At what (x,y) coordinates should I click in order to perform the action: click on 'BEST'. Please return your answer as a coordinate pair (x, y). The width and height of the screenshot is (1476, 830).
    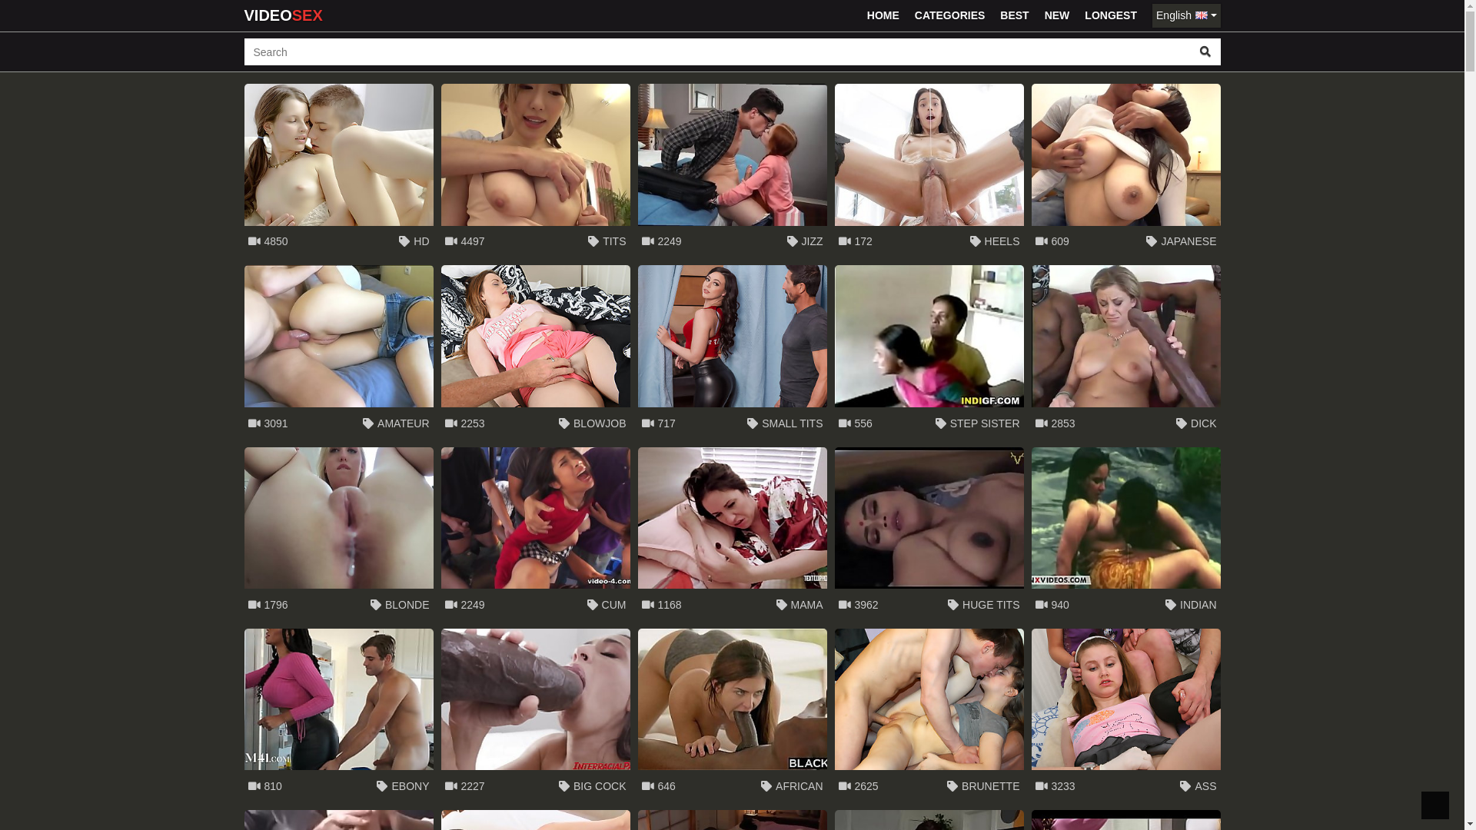
    Looking at the image, I should click on (1014, 15).